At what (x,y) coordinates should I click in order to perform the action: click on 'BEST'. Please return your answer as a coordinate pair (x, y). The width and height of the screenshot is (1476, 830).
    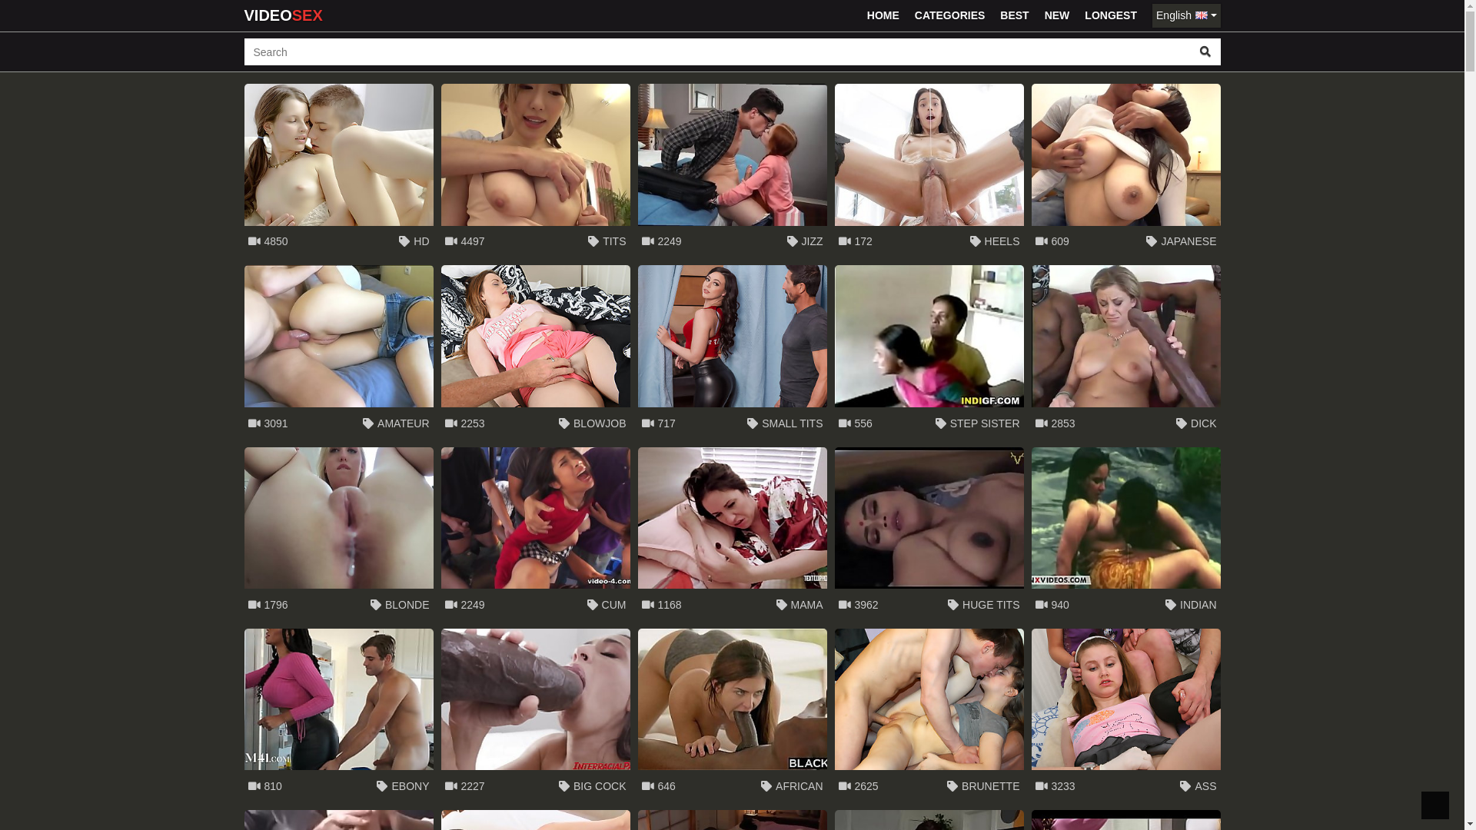
    Looking at the image, I should click on (1014, 15).